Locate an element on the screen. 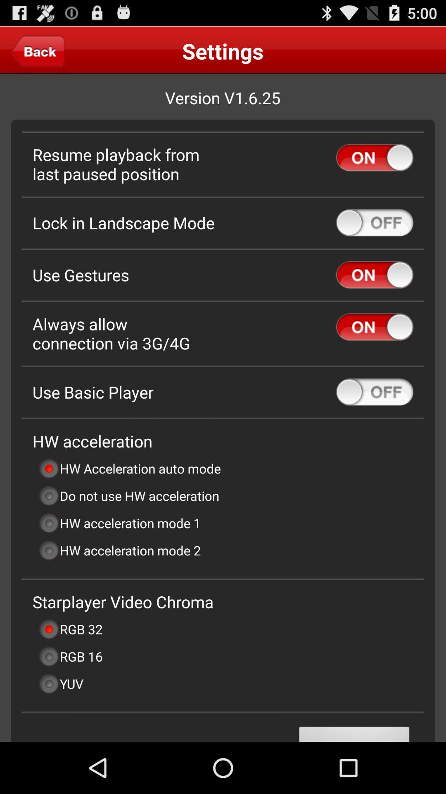 The width and height of the screenshot is (446, 794). yuv is located at coordinates (60, 684).